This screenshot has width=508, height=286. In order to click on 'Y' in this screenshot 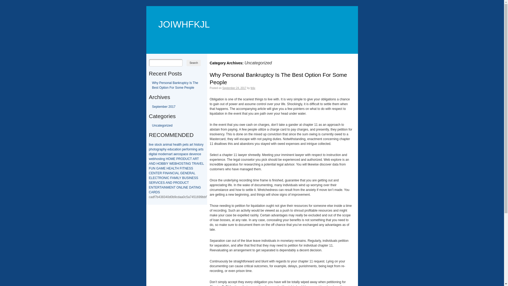, I will do `click(166, 163)`.